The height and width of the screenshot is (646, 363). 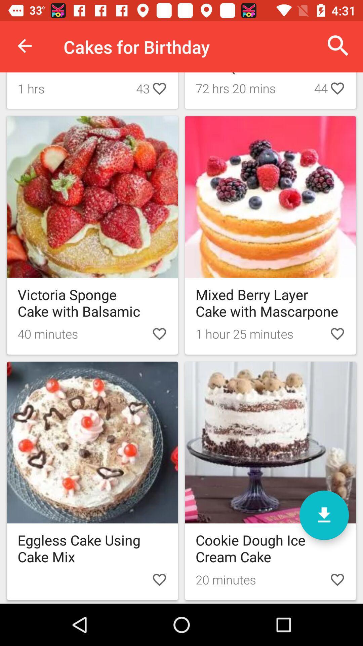 I want to click on the file_download icon, so click(x=324, y=515).